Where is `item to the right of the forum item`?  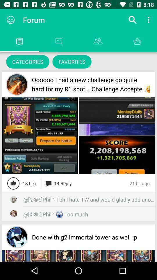
item to the right of the forum item is located at coordinates (132, 20).